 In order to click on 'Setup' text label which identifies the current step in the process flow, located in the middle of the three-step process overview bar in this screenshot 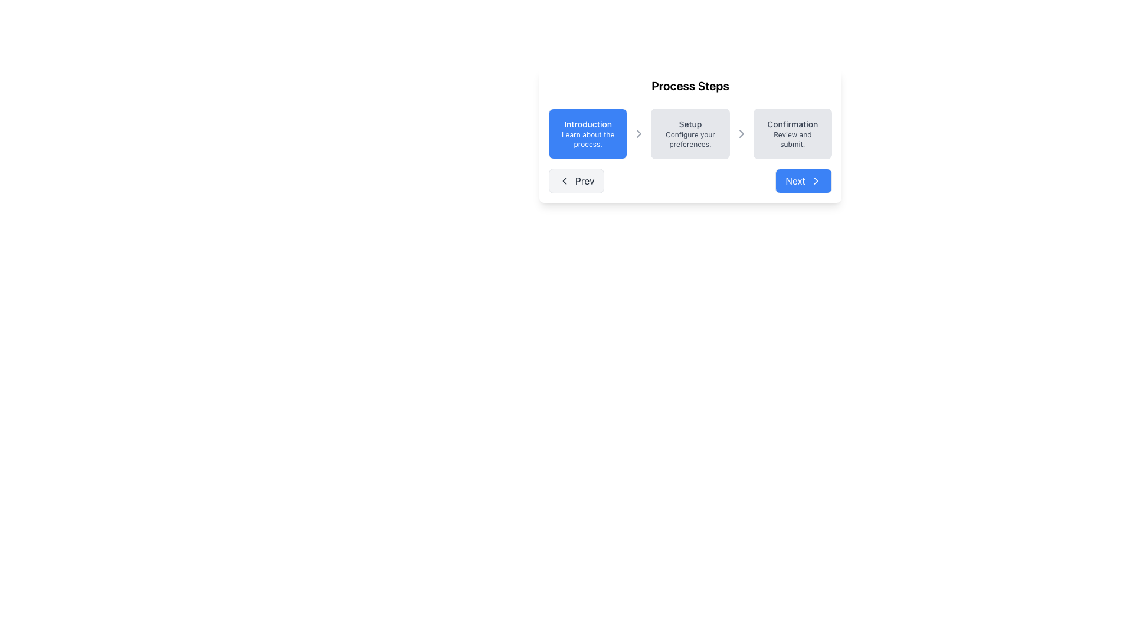, I will do `click(690, 124)`.